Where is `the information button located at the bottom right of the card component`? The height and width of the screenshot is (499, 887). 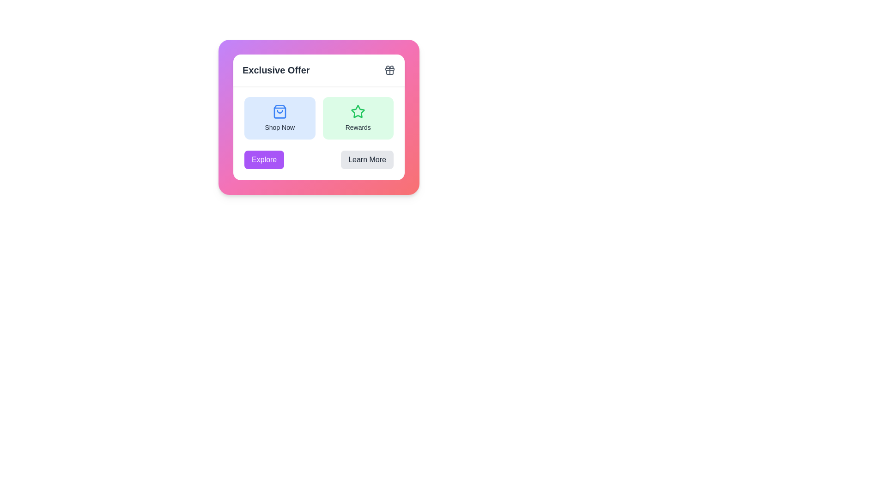
the information button located at the bottom right of the card component is located at coordinates (367, 159).